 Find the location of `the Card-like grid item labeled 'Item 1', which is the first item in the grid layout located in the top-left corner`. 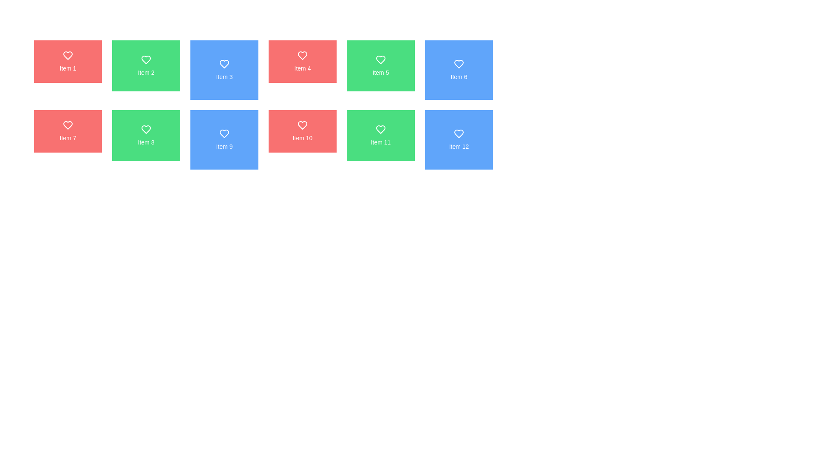

the Card-like grid item labeled 'Item 1', which is the first item in the grid layout located in the top-left corner is located at coordinates (67, 61).